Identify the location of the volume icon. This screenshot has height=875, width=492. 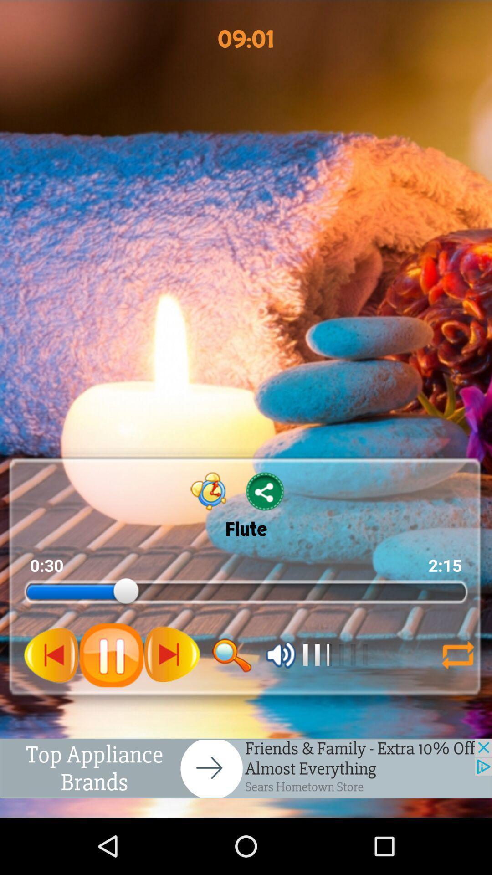
(281, 700).